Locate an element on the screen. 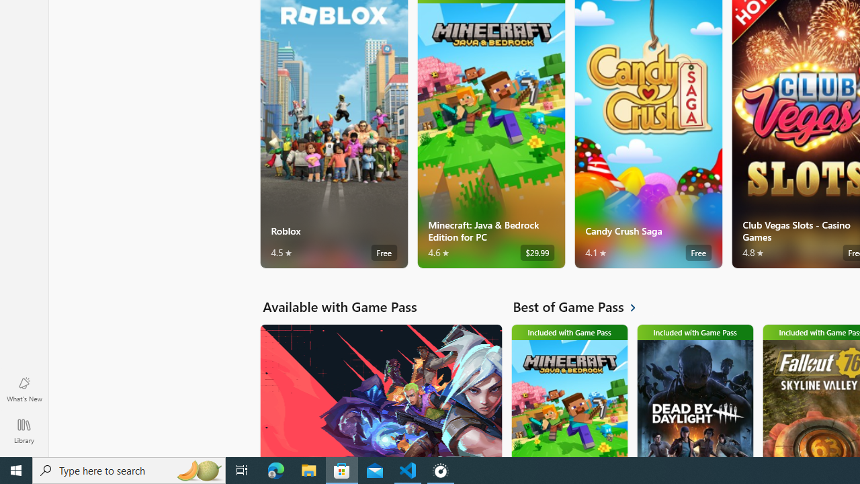 The image size is (860, 484). 'Available with Game Pass. VALORANT' is located at coordinates (380, 390).